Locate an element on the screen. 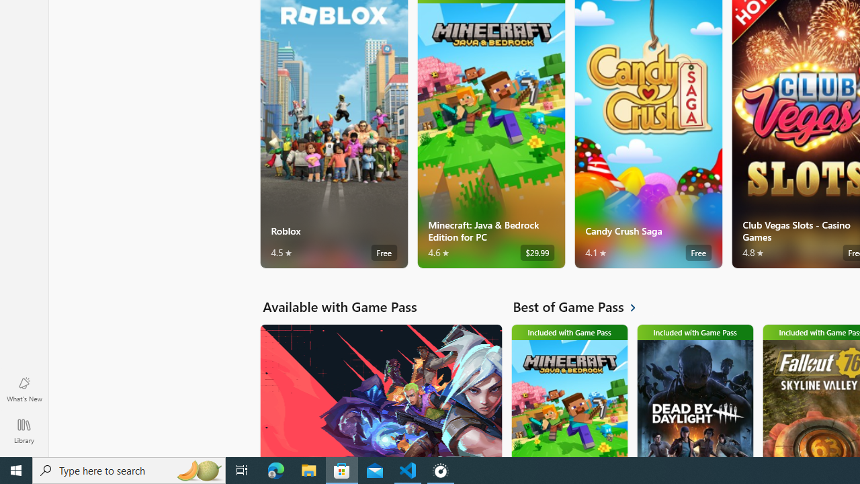 The image size is (860, 484). 'Available with Game Pass. VALORANT' is located at coordinates (380, 390).